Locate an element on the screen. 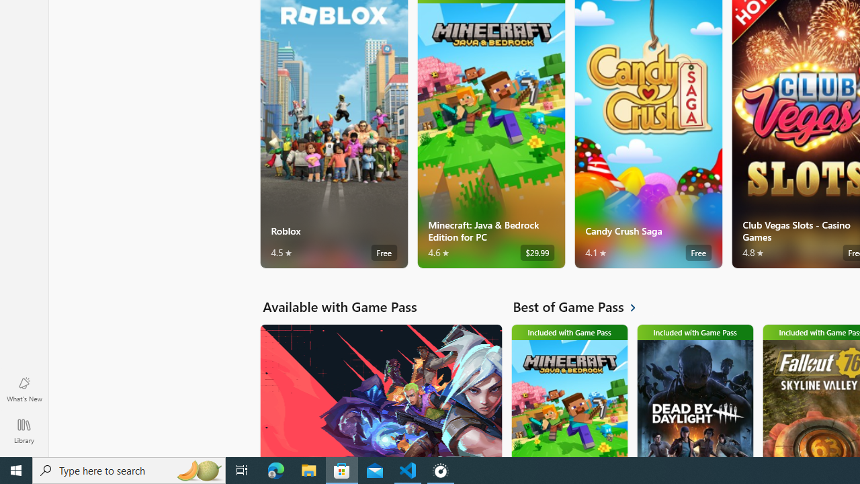 The image size is (860, 484). 'Available with Game Pass. VALORANT' is located at coordinates (380, 390).